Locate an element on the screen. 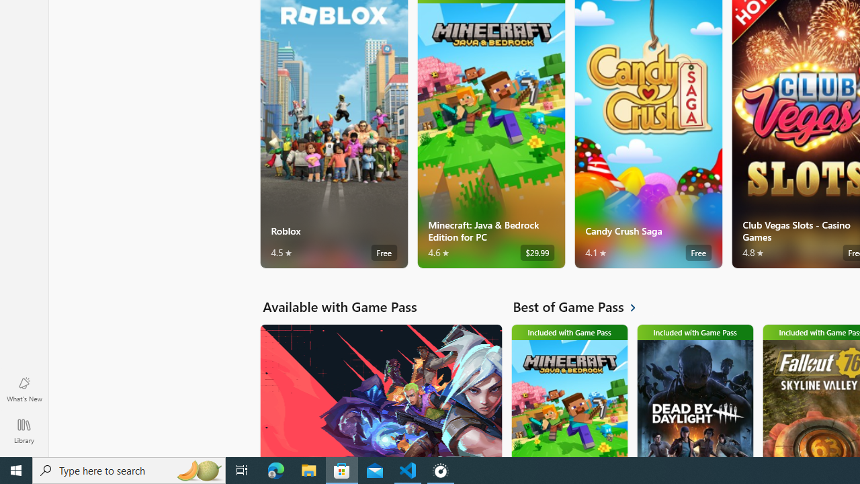 The image size is (860, 484). 'Available with Game Pass. VALORANT' is located at coordinates (380, 390).